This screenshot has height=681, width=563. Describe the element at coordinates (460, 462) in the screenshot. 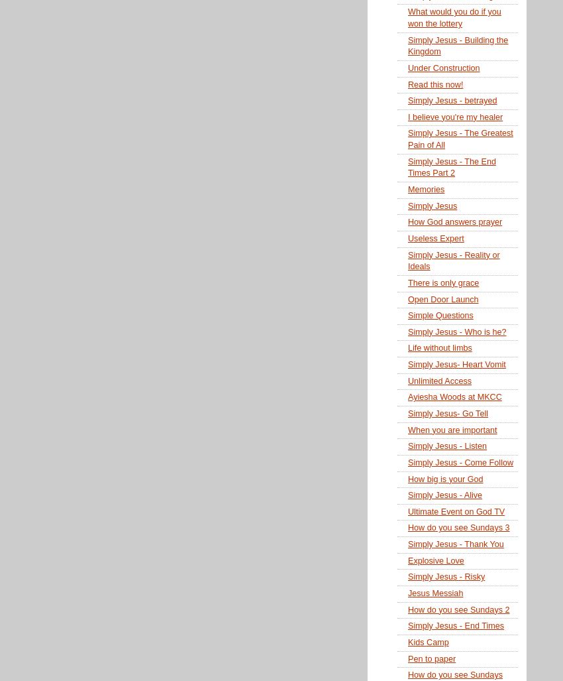

I see `'Simply Jesus - Come Follow'` at that location.